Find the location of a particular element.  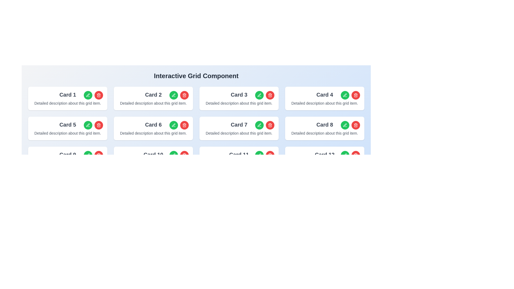

the green edit button located in the top-right corner of 'Card 10' to initiate editing is located at coordinates (179, 155).